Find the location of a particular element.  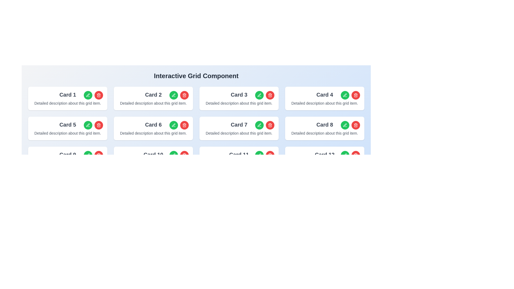

the green edit button located in the top-right corner of 'Card 10' to initiate editing is located at coordinates (179, 155).